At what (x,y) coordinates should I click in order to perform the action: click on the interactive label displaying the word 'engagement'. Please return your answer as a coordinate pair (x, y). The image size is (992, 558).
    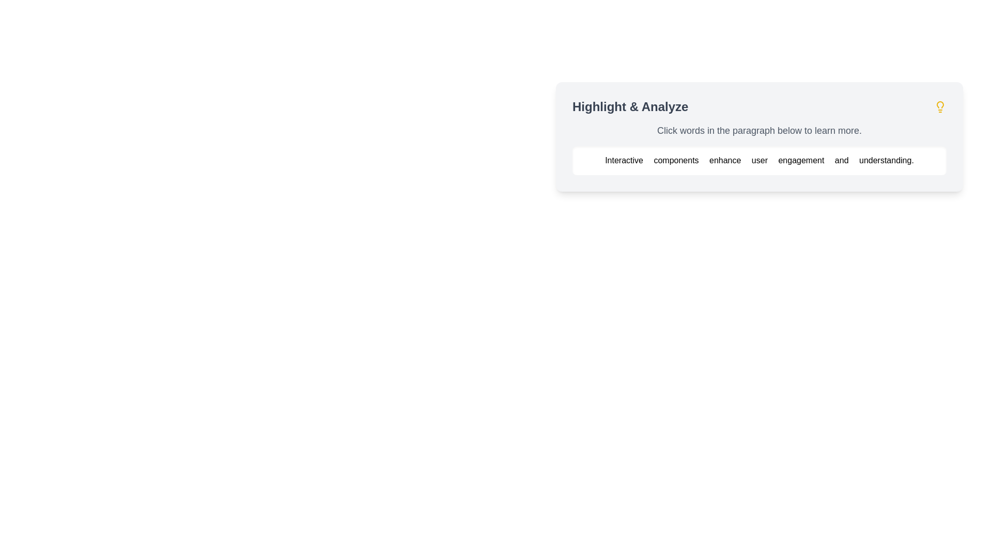
    Looking at the image, I should click on (802, 160).